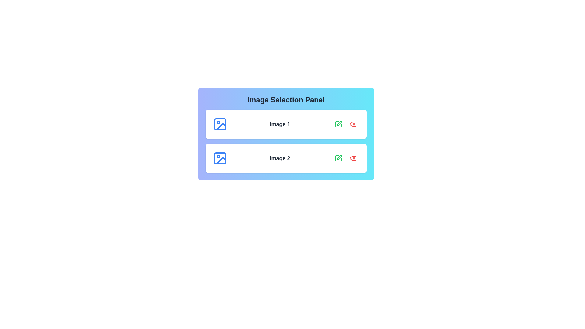 This screenshot has width=585, height=329. What do you see at coordinates (338, 124) in the screenshot?
I see `the edit icon located inside the green edit button on the right side of the Image 1 section` at bounding box center [338, 124].